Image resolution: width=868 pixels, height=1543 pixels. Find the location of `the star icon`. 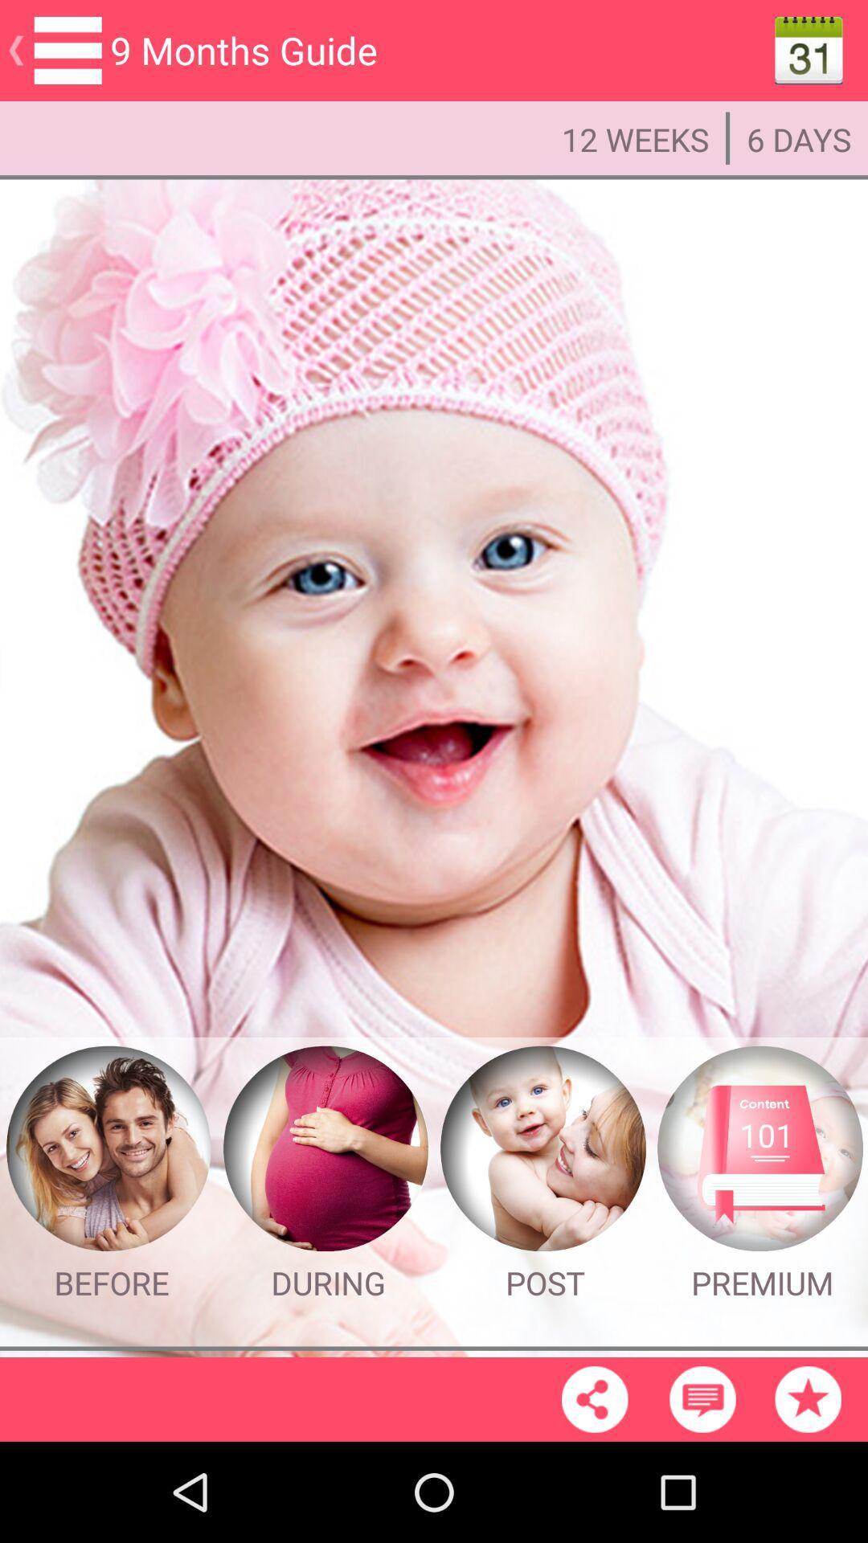

the star icon is located at coordinates (808, 1496).